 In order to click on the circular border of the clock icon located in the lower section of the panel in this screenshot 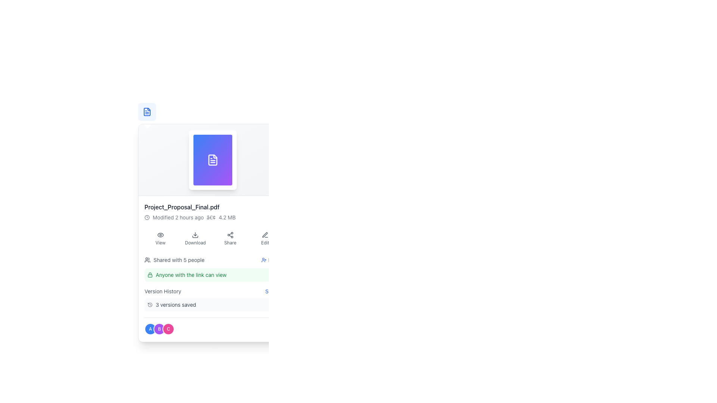, I will do `click(147, 217)`.